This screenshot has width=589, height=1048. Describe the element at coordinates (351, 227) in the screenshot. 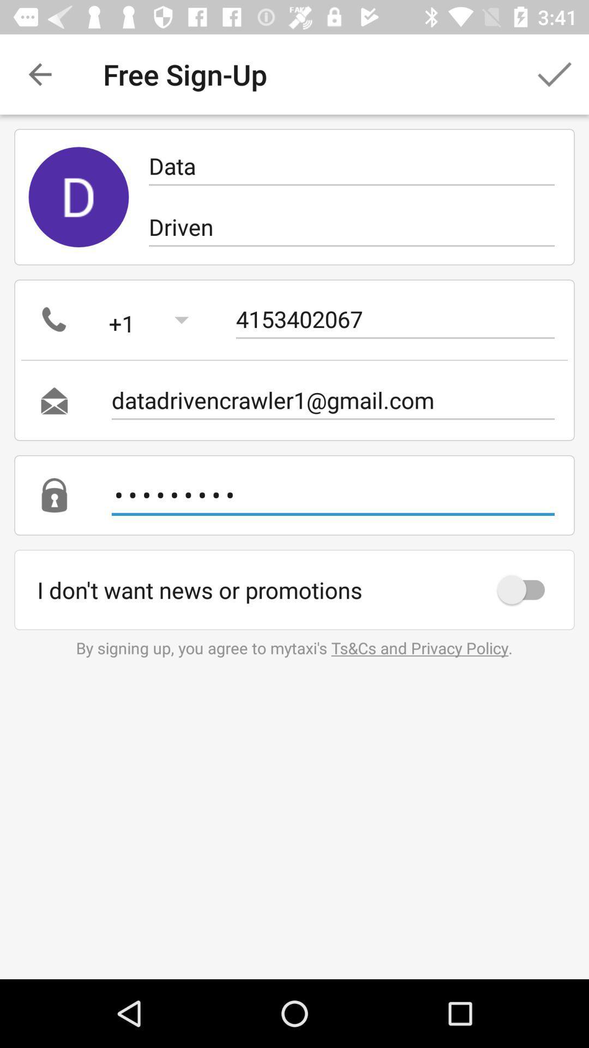

I see `the driven` at that location.